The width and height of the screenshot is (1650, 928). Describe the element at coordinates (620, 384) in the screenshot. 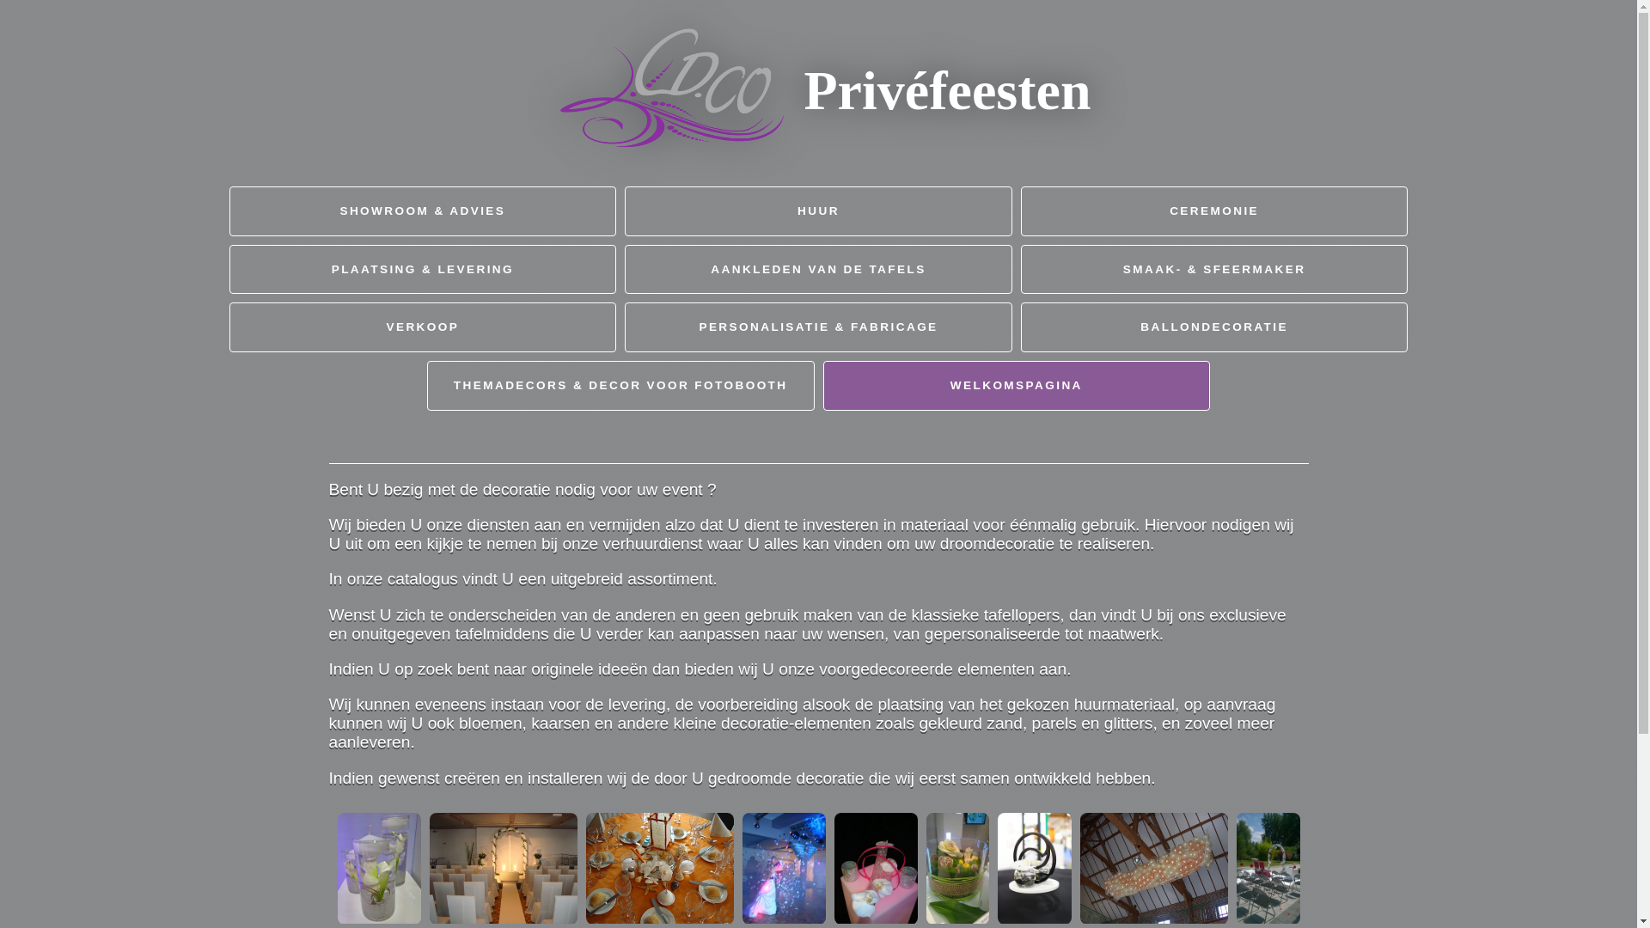

I see `'THEMADECORS & DECOR VOOR FOTOBOOTH'` at that location.